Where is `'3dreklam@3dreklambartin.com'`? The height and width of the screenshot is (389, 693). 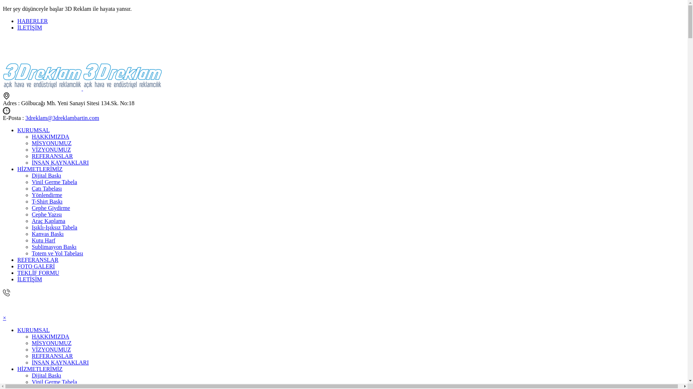 '3dreklam@3dreklambartin.com' is located at coordinates (62, 117).